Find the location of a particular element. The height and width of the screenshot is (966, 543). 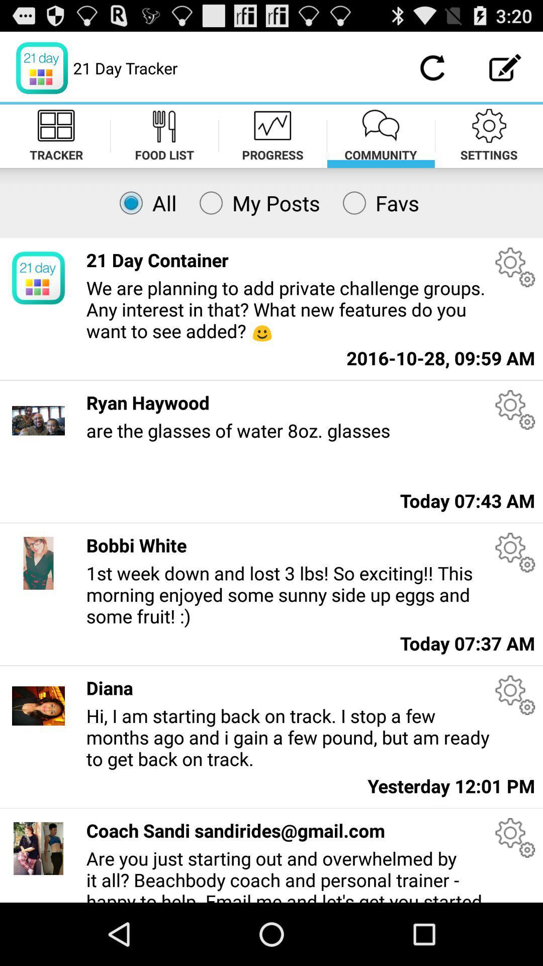

open settings is located at coordinates (515, 267).